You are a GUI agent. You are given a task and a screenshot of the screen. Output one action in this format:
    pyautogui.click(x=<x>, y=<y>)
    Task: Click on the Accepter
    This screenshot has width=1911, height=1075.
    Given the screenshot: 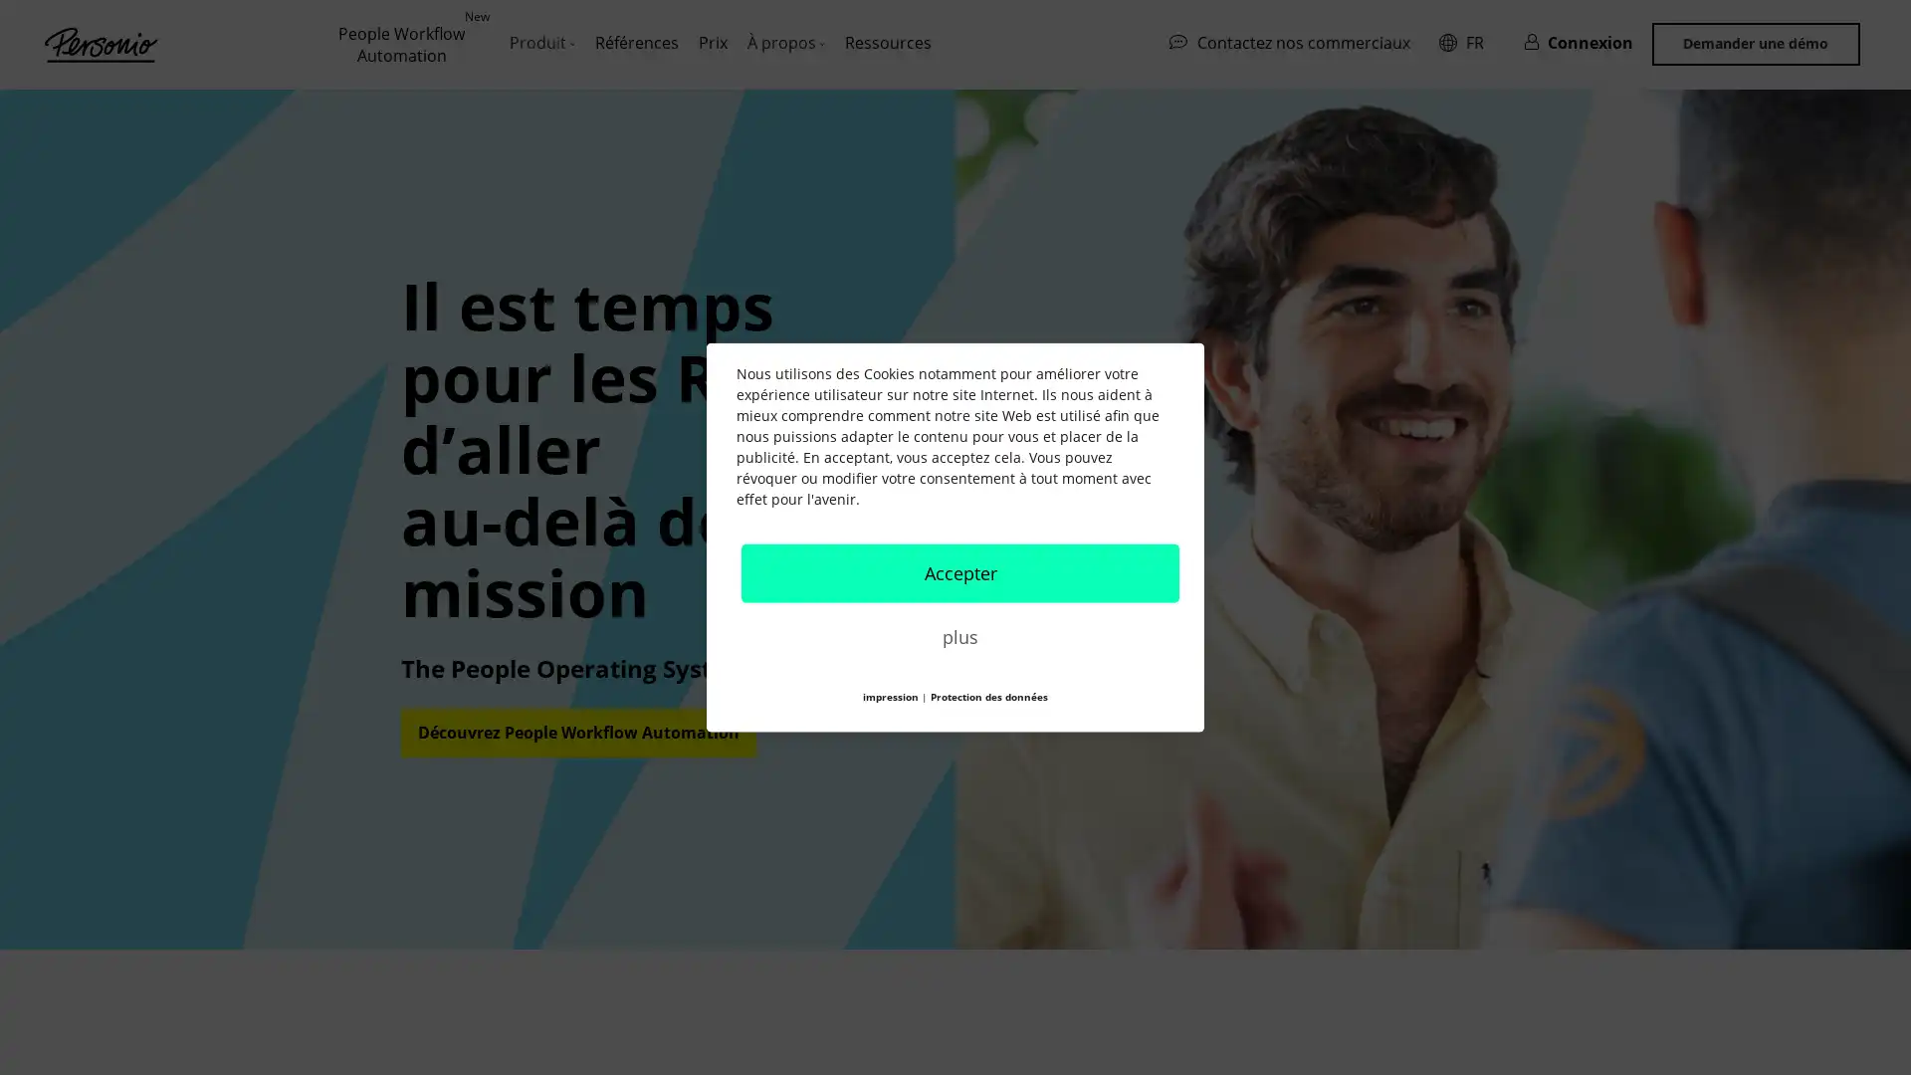 What is the action you would take?
    pyautogui.click(x=959, y=572)
    